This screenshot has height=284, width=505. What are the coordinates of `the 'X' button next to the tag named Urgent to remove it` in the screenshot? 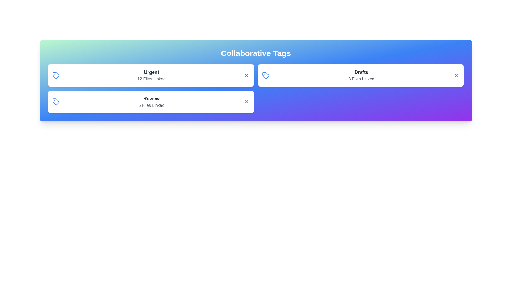 It's located at (246, 75).